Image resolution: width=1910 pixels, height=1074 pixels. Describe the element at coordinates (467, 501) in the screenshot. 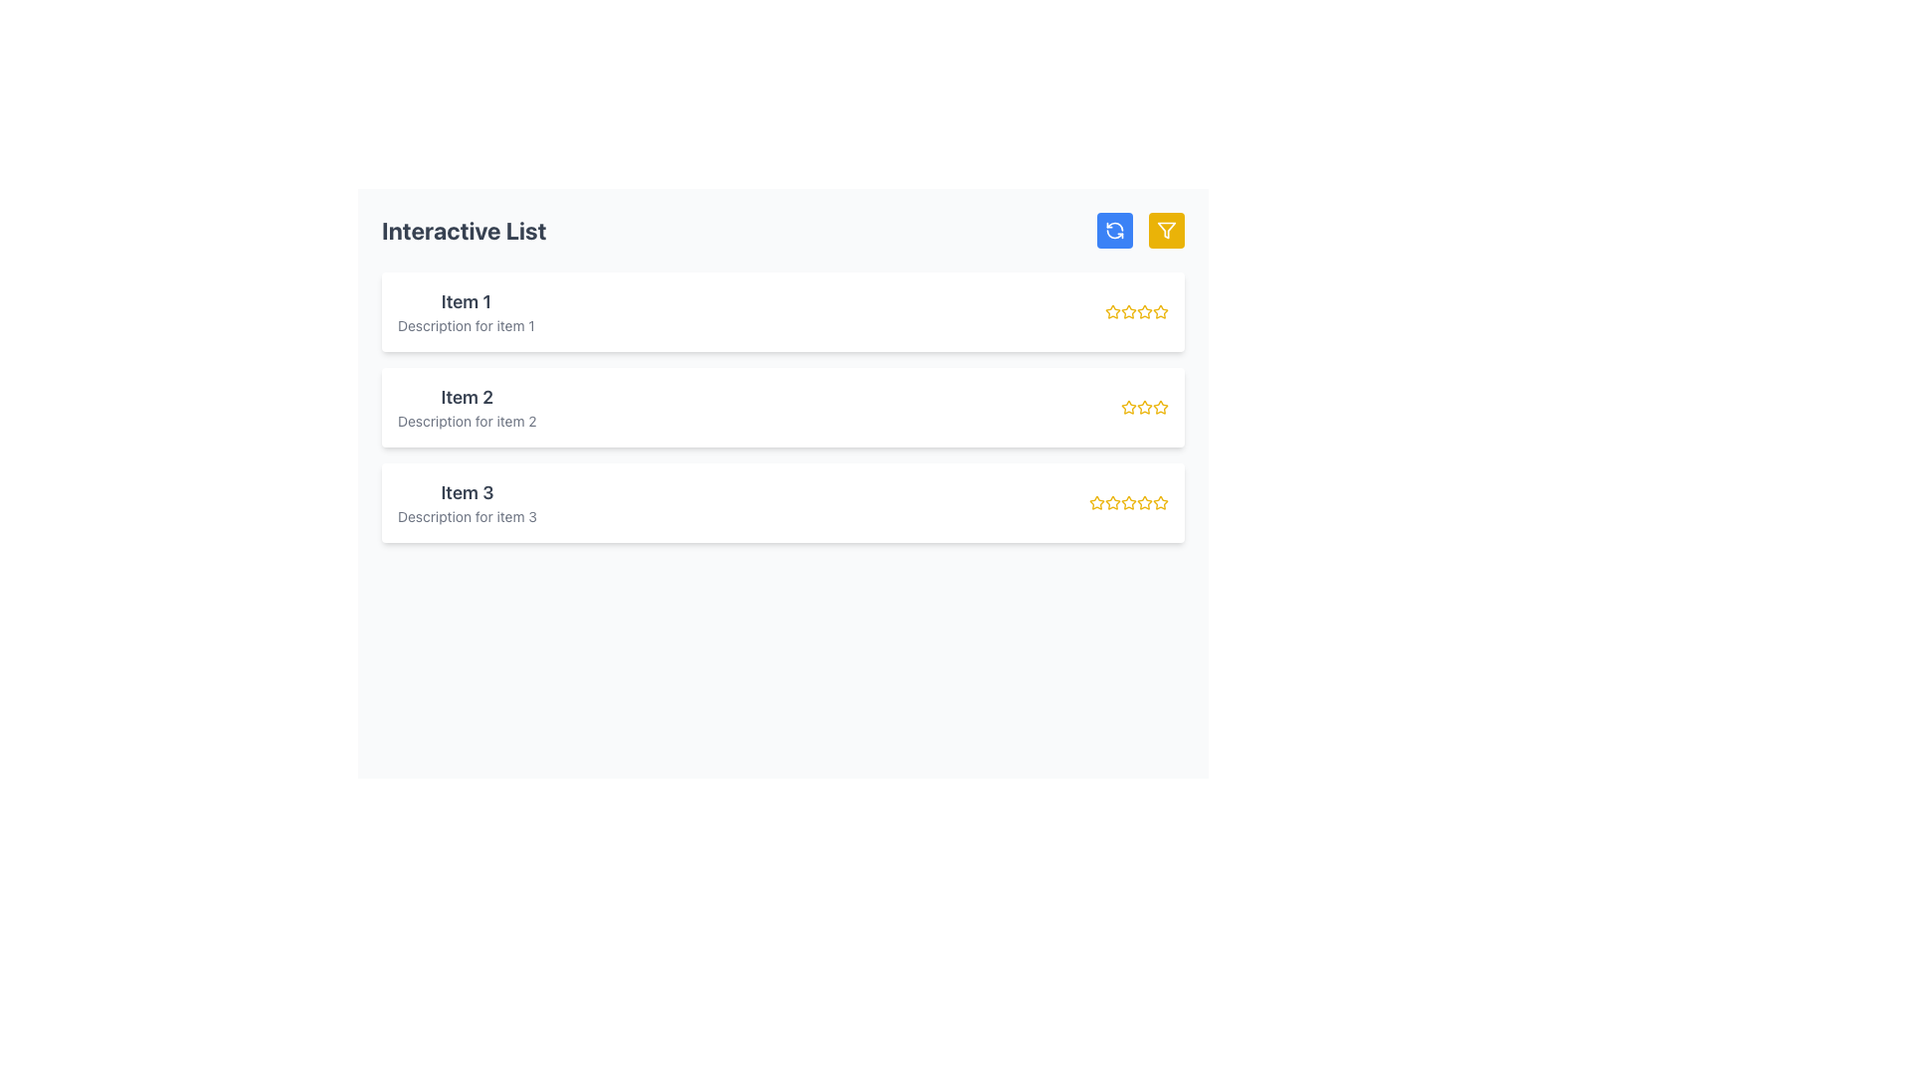

I see `the third list item, which provides a title and description` at that location.